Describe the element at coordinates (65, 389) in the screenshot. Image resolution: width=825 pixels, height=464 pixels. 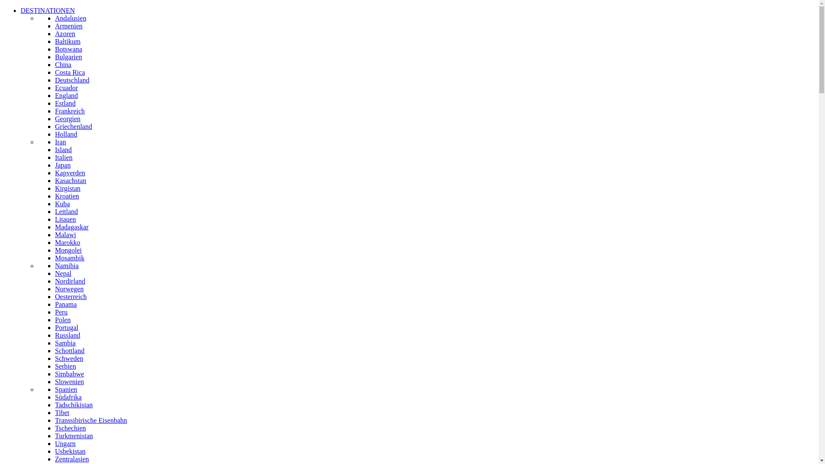
I see `'Spanien'` at that location.